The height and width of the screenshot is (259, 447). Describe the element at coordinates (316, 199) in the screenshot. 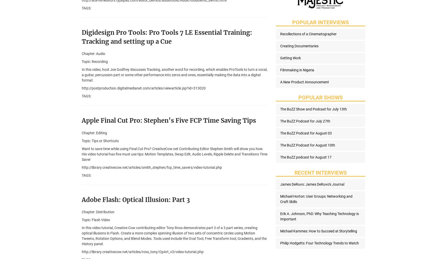

I see `'Michael Horton: User Groups: Networking and Craft Skills'` at that location.